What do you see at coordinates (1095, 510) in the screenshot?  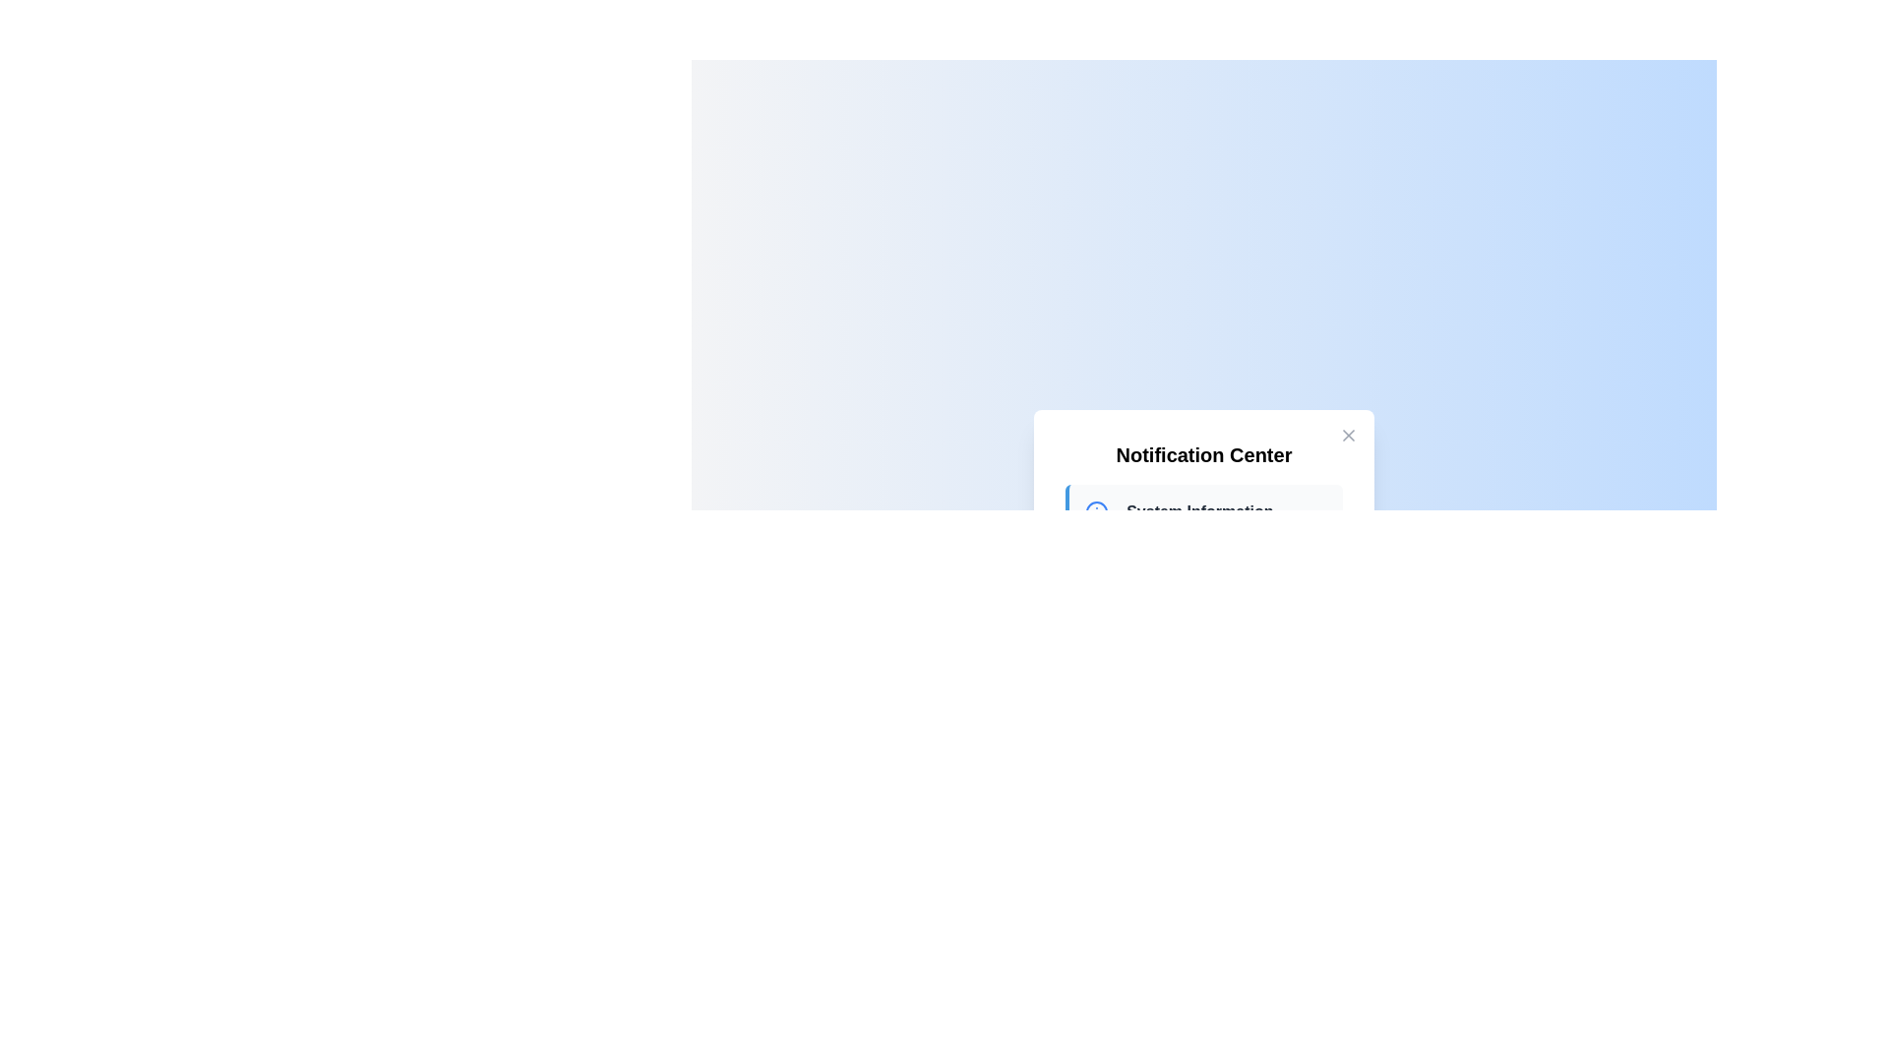 I see `the circular icon with a blue outline and blue-filled center located in the Notification Center modal dialog` at bounding box center [1095, 510].